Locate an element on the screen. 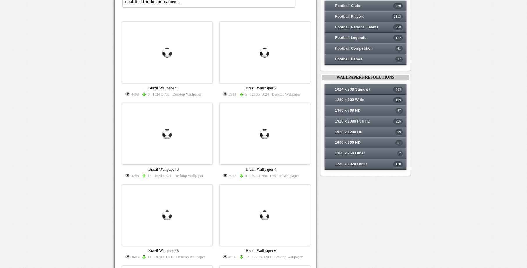 The width and height of the screenshot is (527, 268). '1920 x 1080 Full HD' is located at coordinates (352, 121).